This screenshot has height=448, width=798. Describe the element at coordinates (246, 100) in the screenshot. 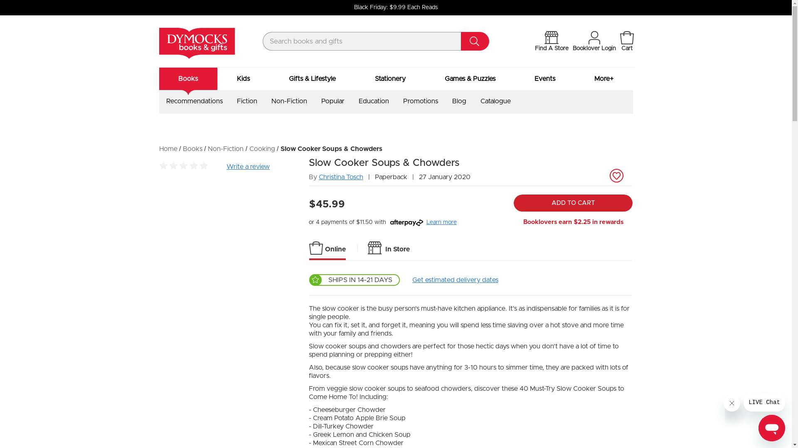

I see `'Fiction'` at that location.